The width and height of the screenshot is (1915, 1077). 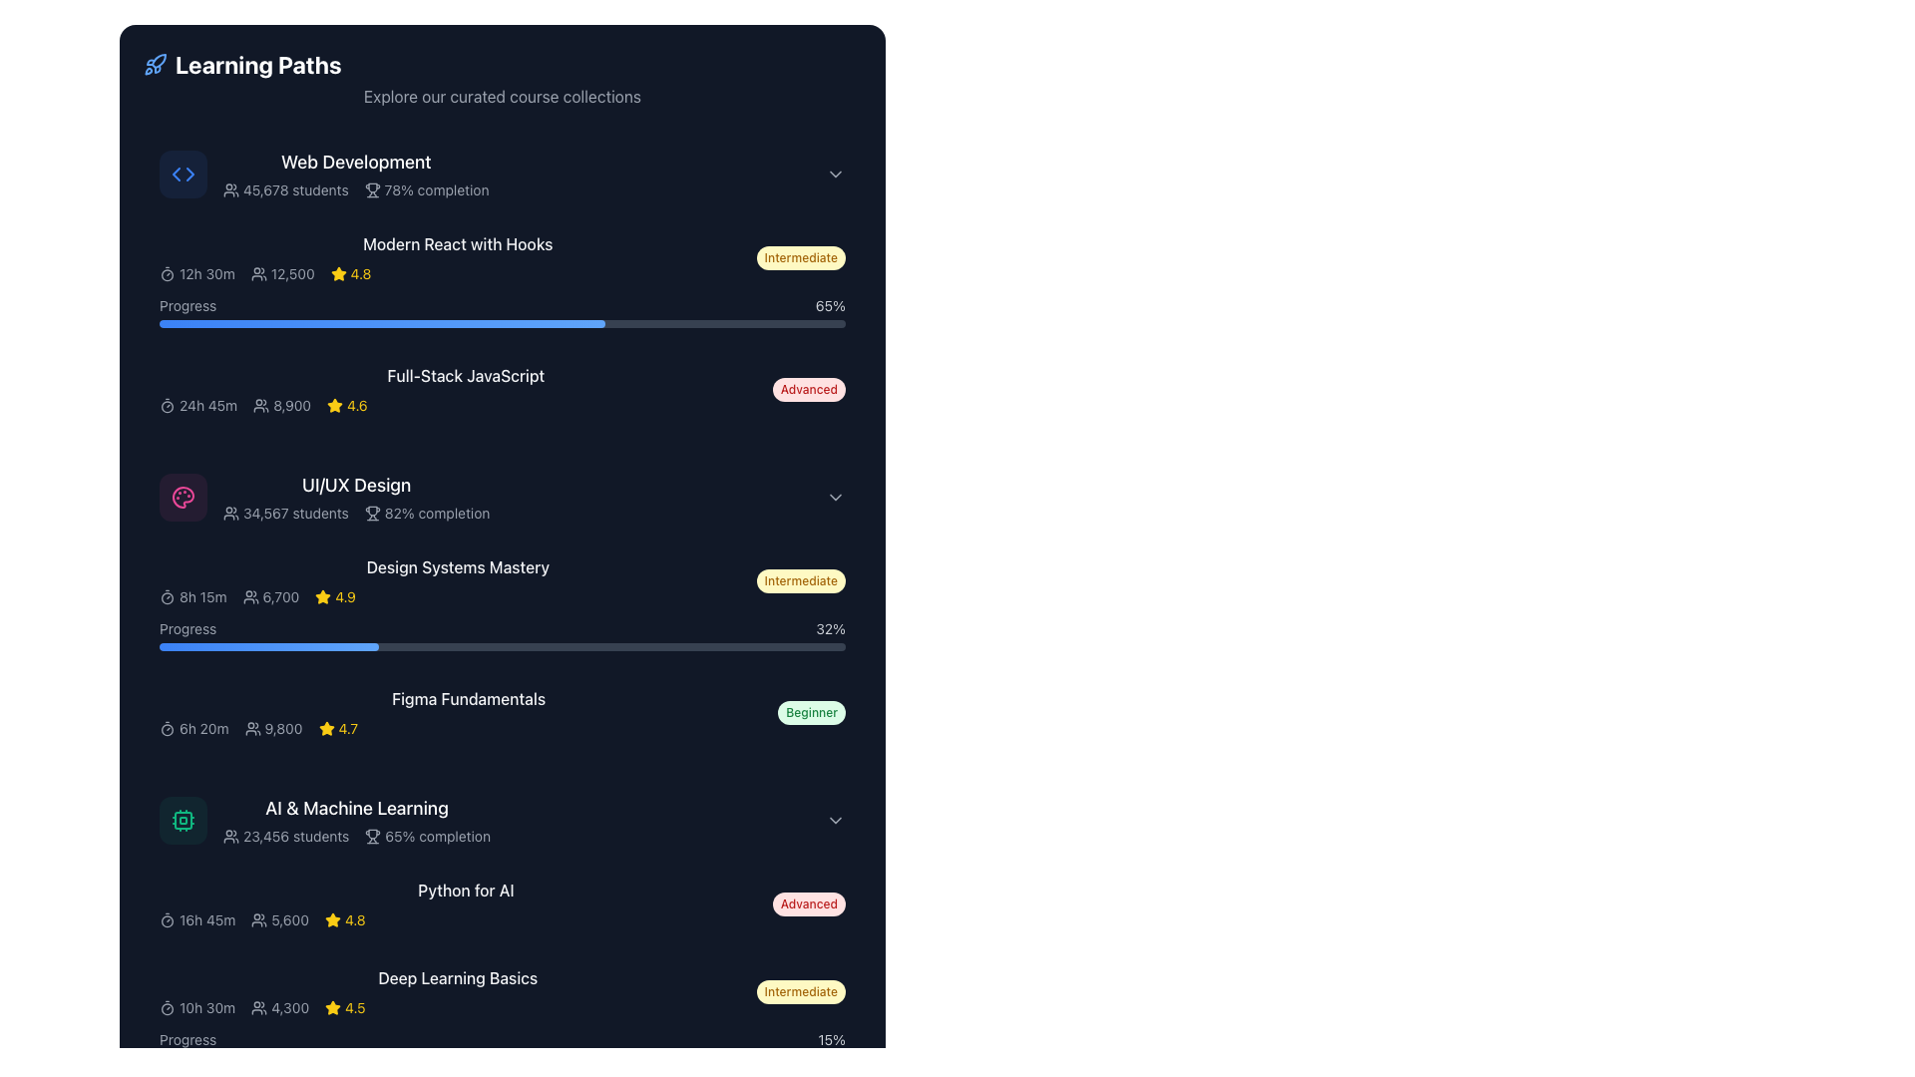 I want to click on the text element that displays the rating value for the 'Modern React with Hooks' course, located to the right of the yellow star icon, so click(x=361, y=273).